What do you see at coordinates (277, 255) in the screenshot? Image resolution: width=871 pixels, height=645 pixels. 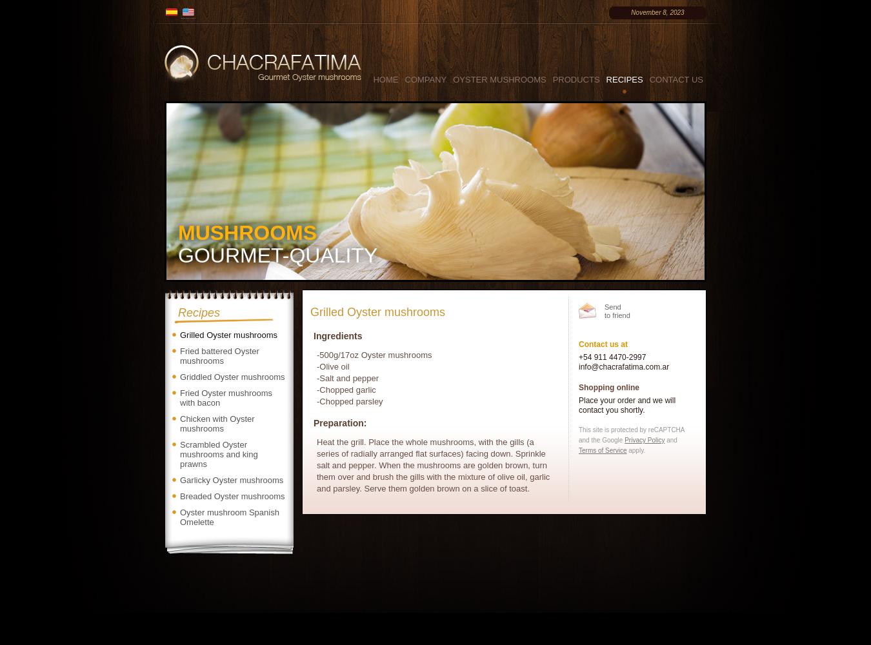 I see `'GOURMET-QUALITY'` at bounding box center [277, 255].